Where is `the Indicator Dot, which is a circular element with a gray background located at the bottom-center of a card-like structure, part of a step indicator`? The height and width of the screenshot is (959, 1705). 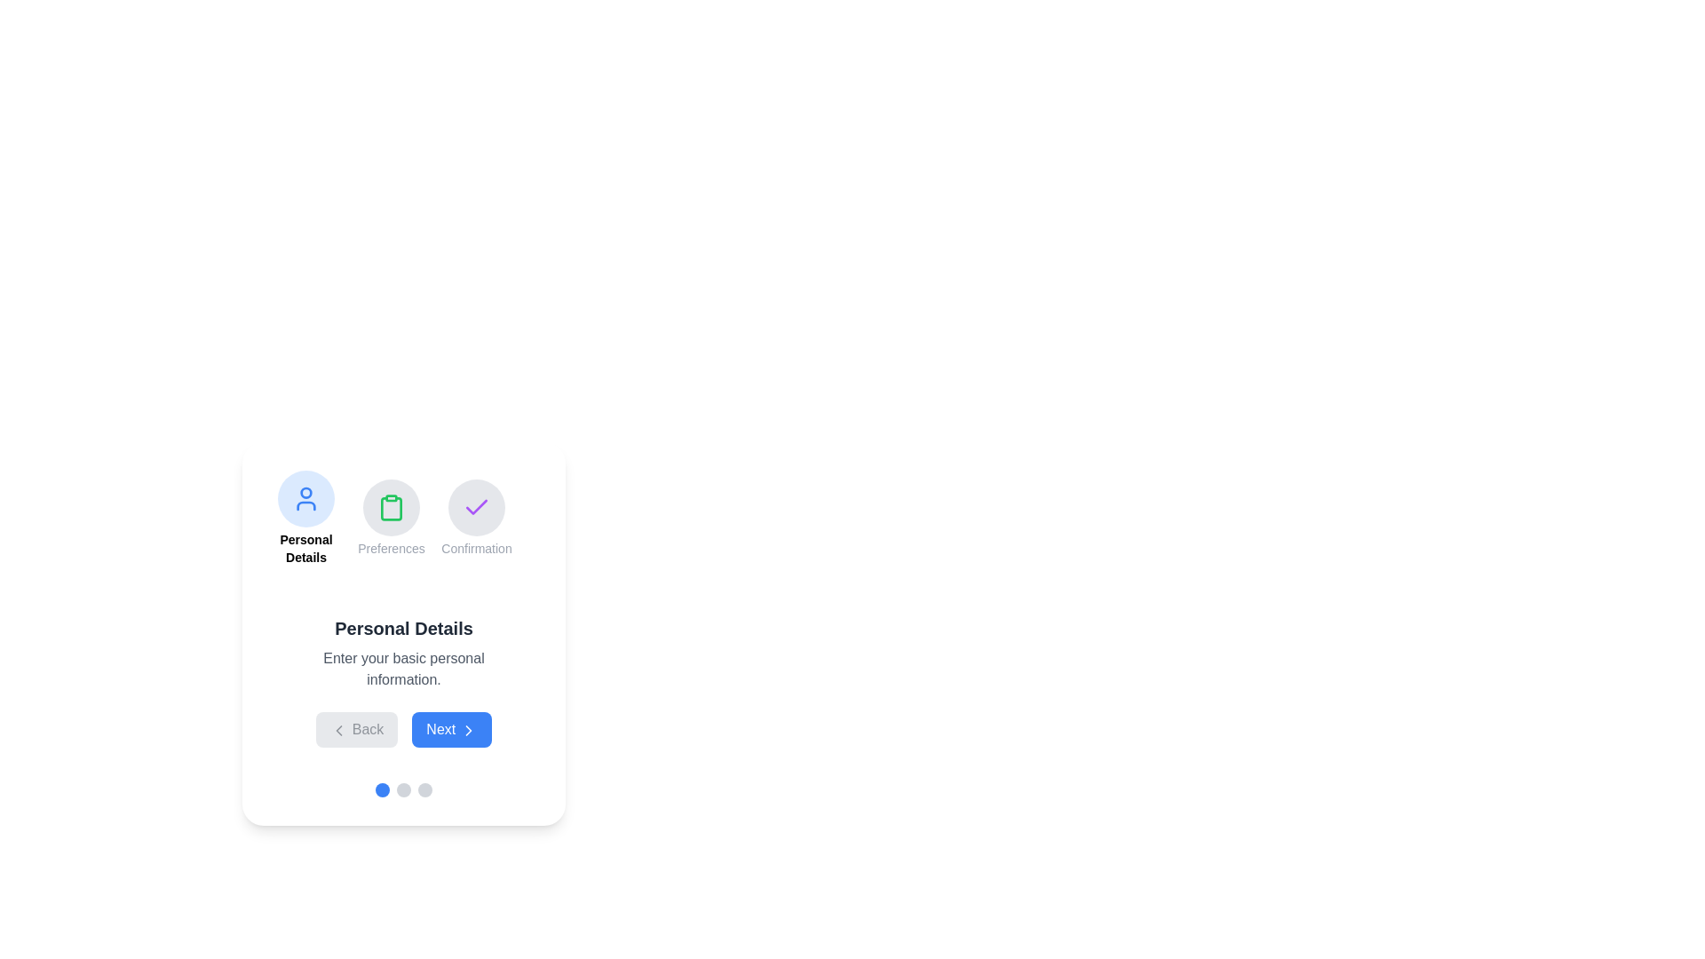 the Indicator Dot, which is a circular element with a gray background located at the bottom-center of a card-like structure, part of a step indicator is located at coordinates (403, 789).